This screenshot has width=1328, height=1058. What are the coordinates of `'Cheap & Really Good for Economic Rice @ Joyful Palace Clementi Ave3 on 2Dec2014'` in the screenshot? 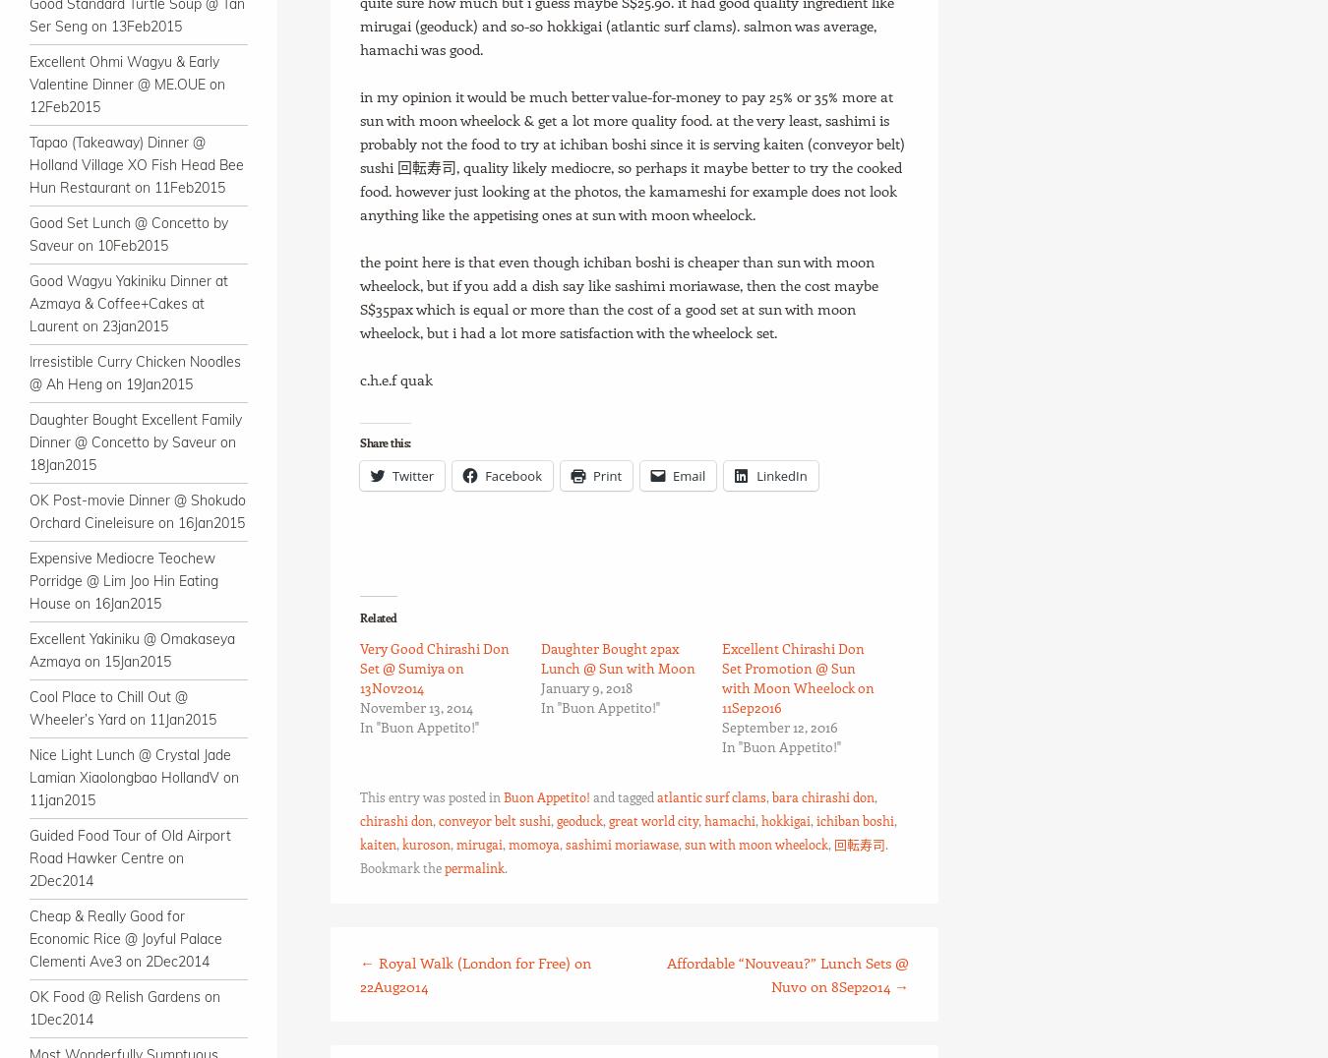 It's located at (125, 938).